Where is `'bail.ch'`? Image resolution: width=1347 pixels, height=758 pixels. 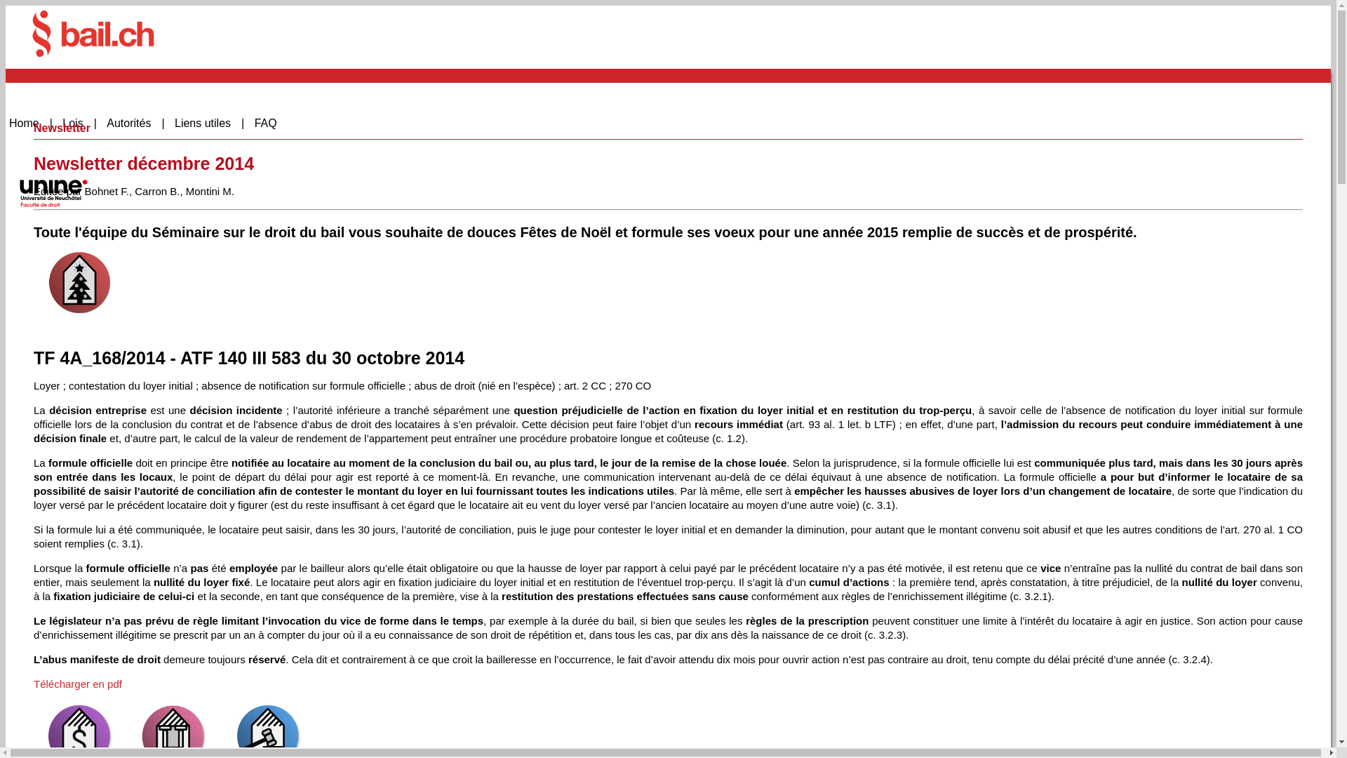
'bail.ch' is located at coordinates (93, 32).